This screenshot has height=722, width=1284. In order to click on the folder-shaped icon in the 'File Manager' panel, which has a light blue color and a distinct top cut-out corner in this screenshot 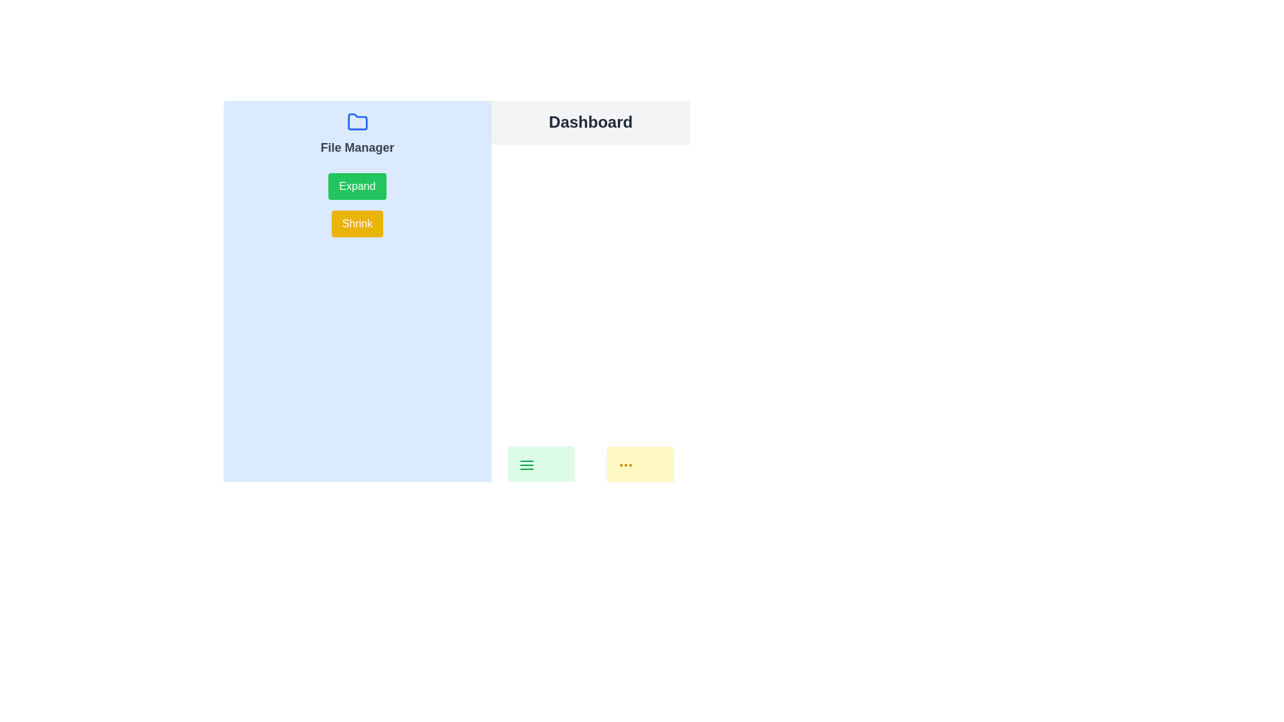, I will do `click(357, 122)`.